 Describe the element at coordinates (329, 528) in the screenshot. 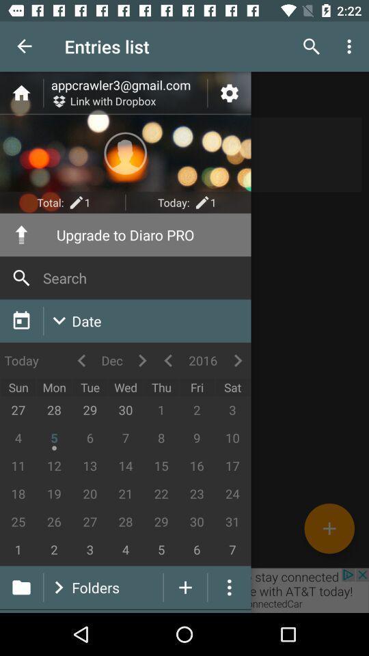

I see `the add icon` at that location.